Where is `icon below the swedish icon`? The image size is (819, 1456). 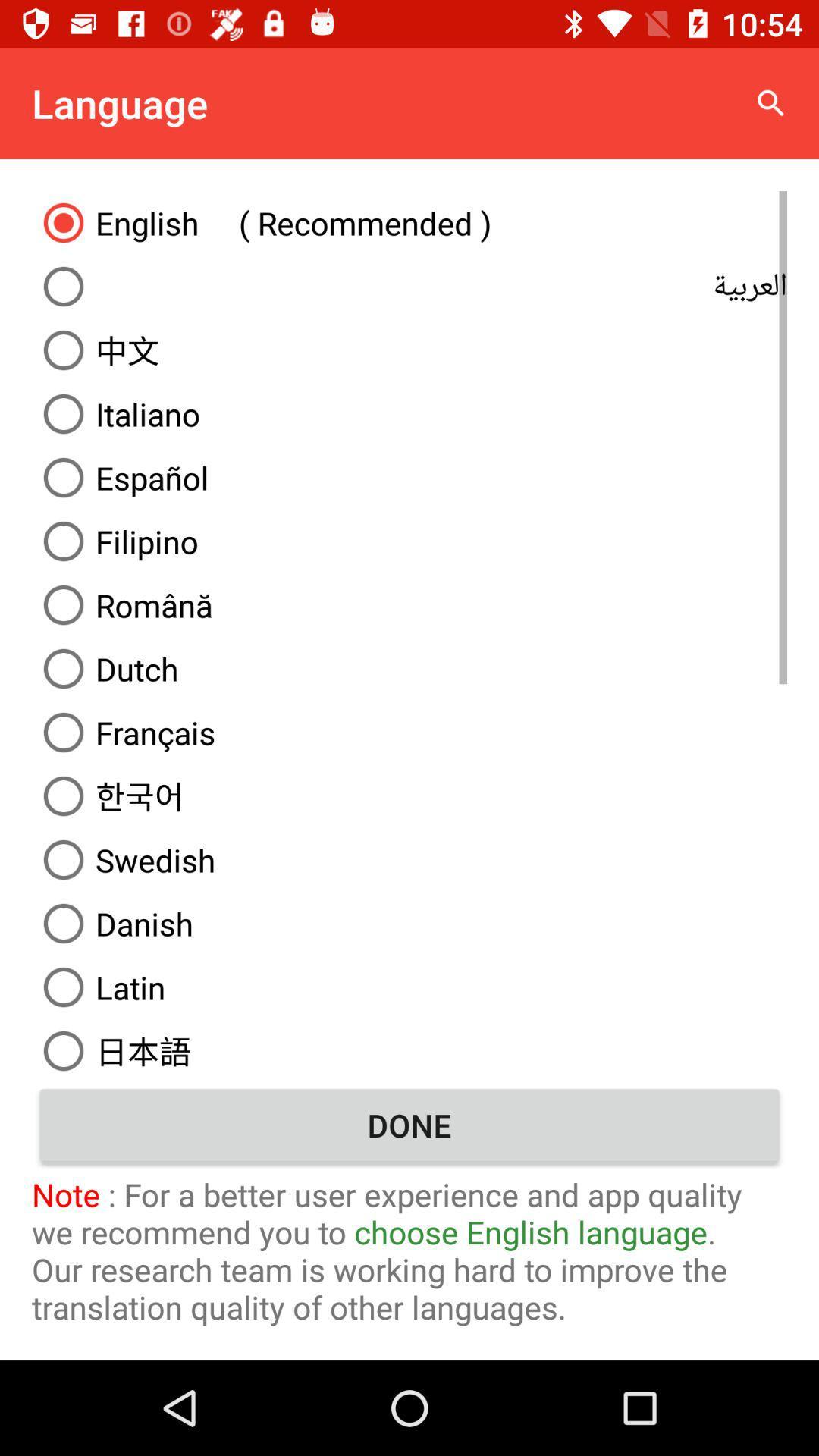
icon below the swedish icon is located at coordinates (409, 923).